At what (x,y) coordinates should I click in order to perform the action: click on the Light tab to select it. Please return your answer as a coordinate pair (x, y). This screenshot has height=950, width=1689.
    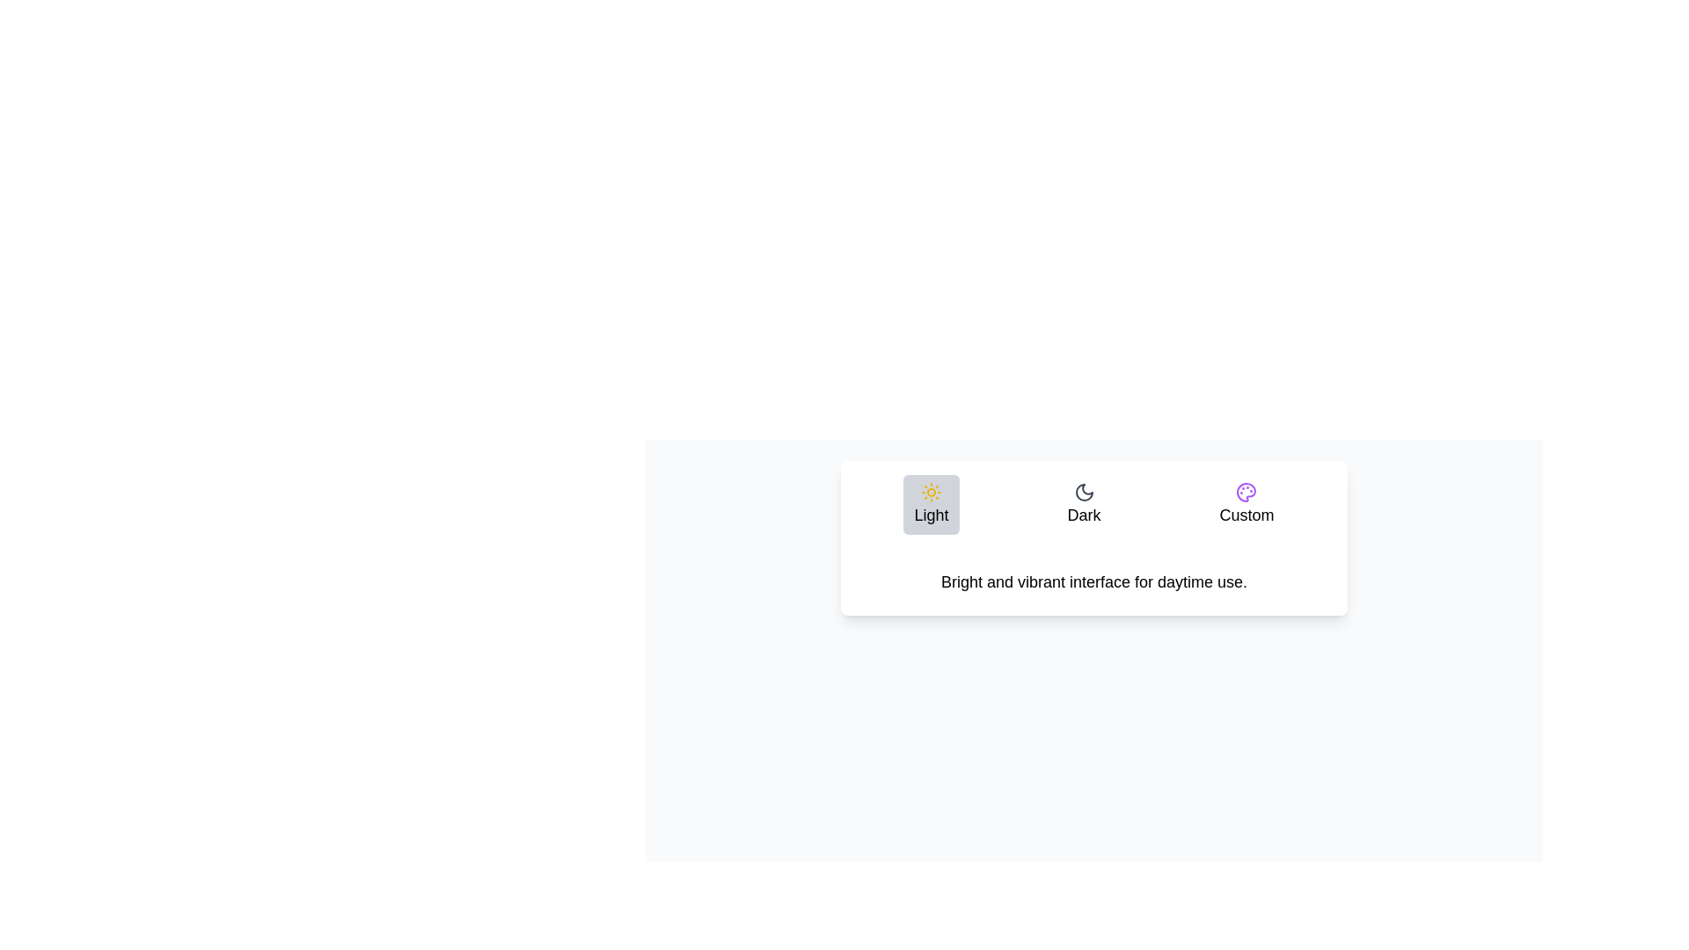
    Looking at the image, I should click on (931, 505).